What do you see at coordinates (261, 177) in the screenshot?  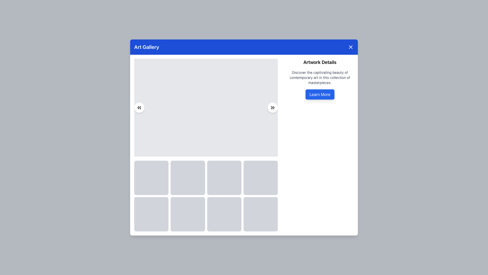 I see `the fourth light gray square with rounded corners in the first row of a 4x2 grid layout` at bounding box center [261, 177].